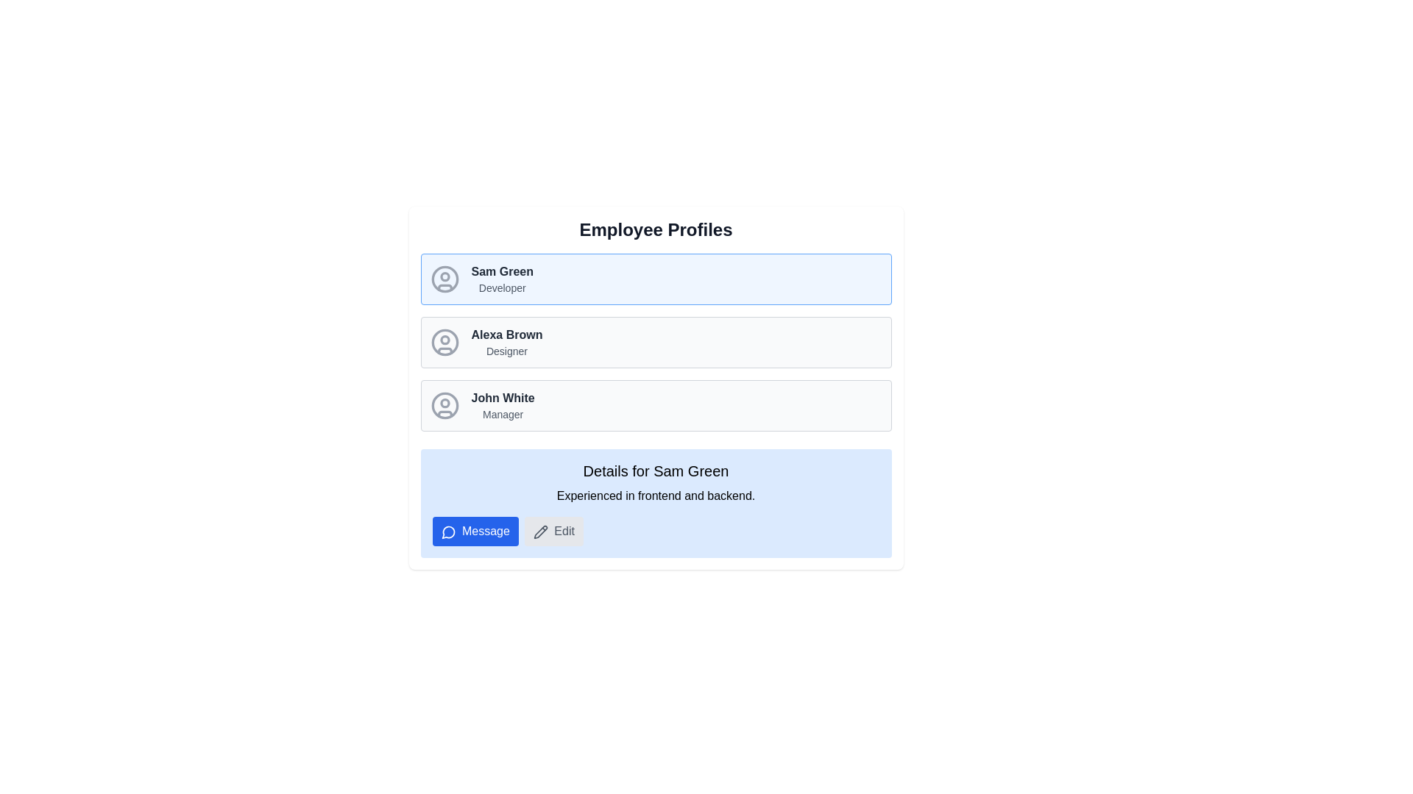 The height and width of the screenshot is (794, 1413). I want to click on the text block displaying 'John White' and 'Manager' within the third card of the 'Employee Profiles' section, so click(503, 405).